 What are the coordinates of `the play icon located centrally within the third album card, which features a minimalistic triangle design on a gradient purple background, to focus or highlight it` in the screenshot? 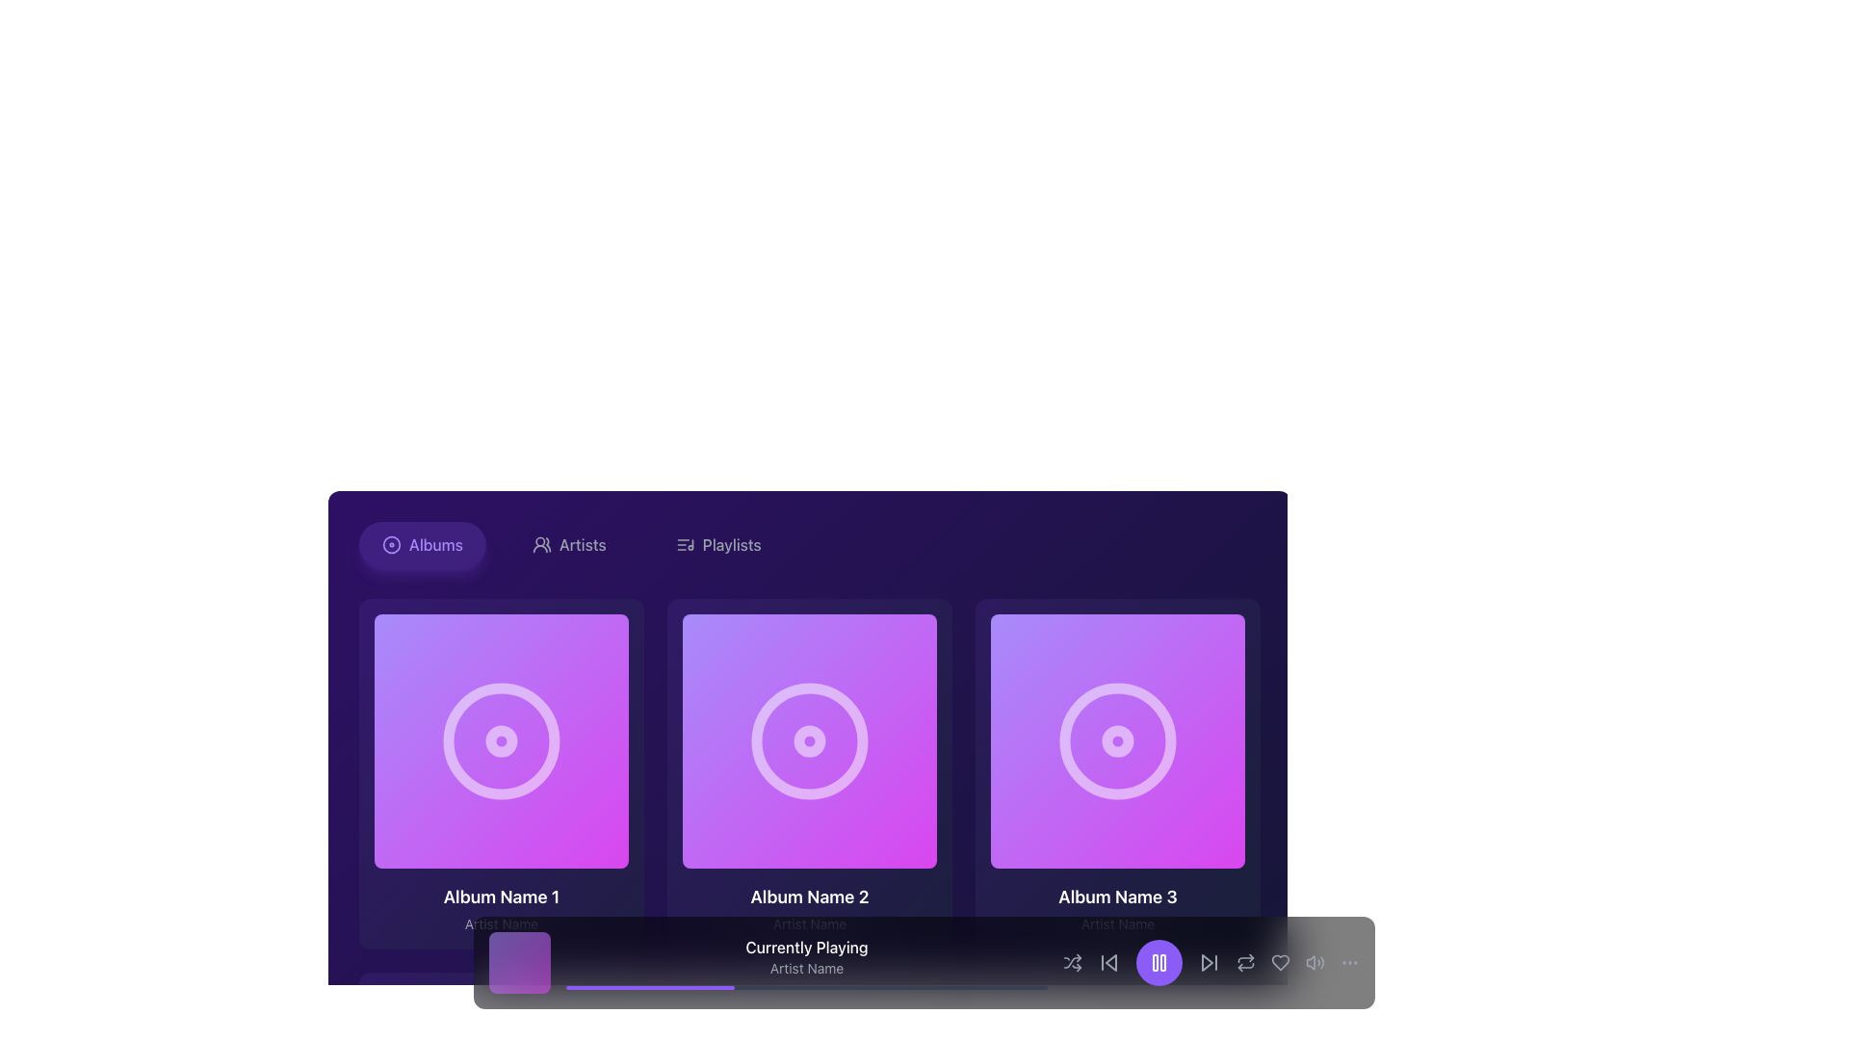 It's located at (1118, 741).